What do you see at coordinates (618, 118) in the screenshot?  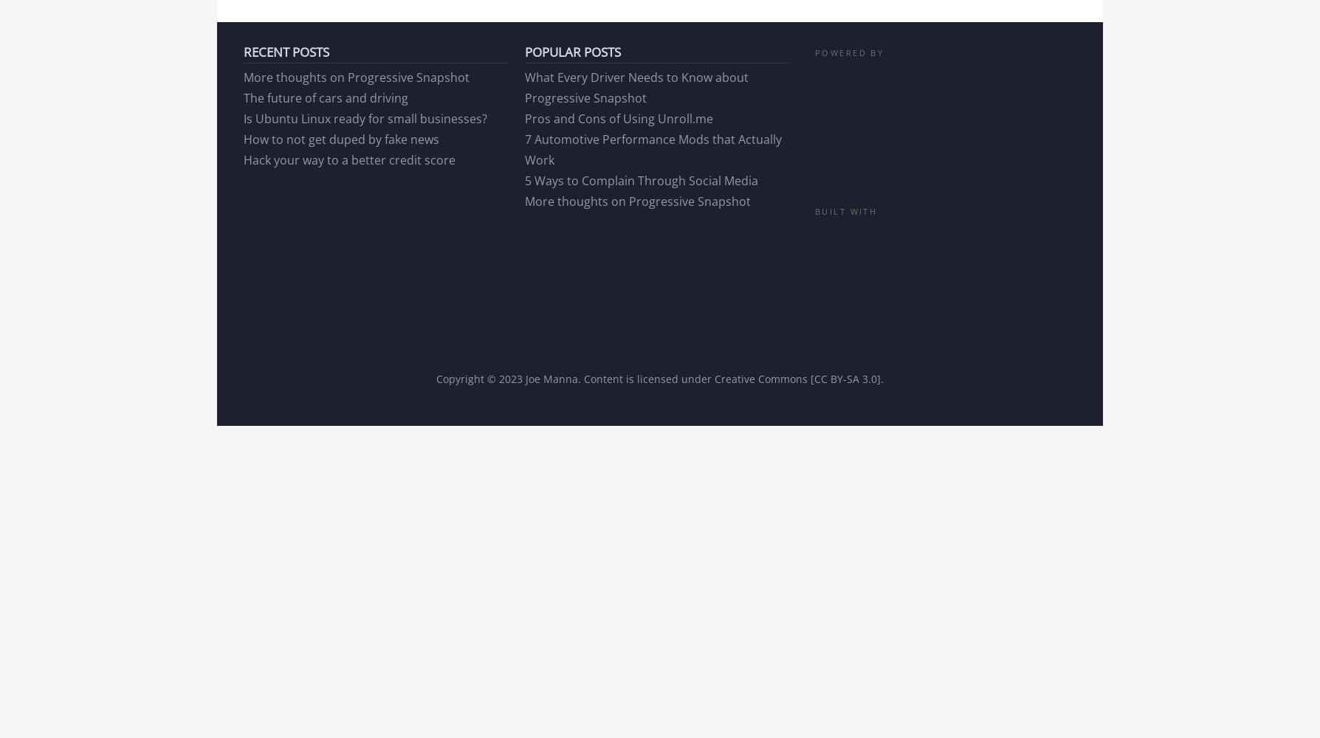 I see `'Pros and Cons of Using Unroll.me'` at bounding box center [618, 118].